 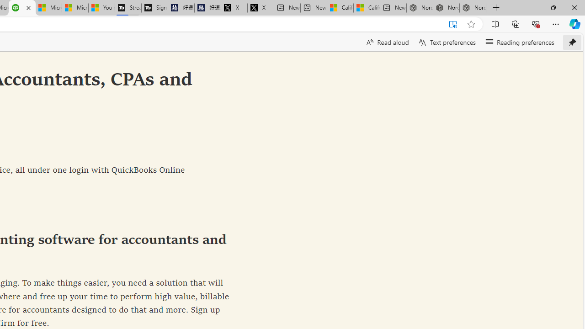 I want to click on 'Read aloud', so click(x=387, y=42).